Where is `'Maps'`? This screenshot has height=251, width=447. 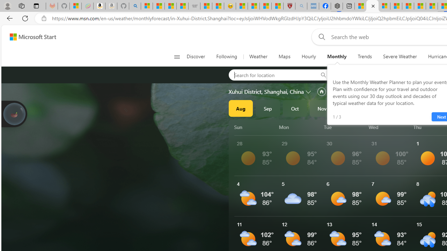
'Maps' is located at coordinates (284, 56).